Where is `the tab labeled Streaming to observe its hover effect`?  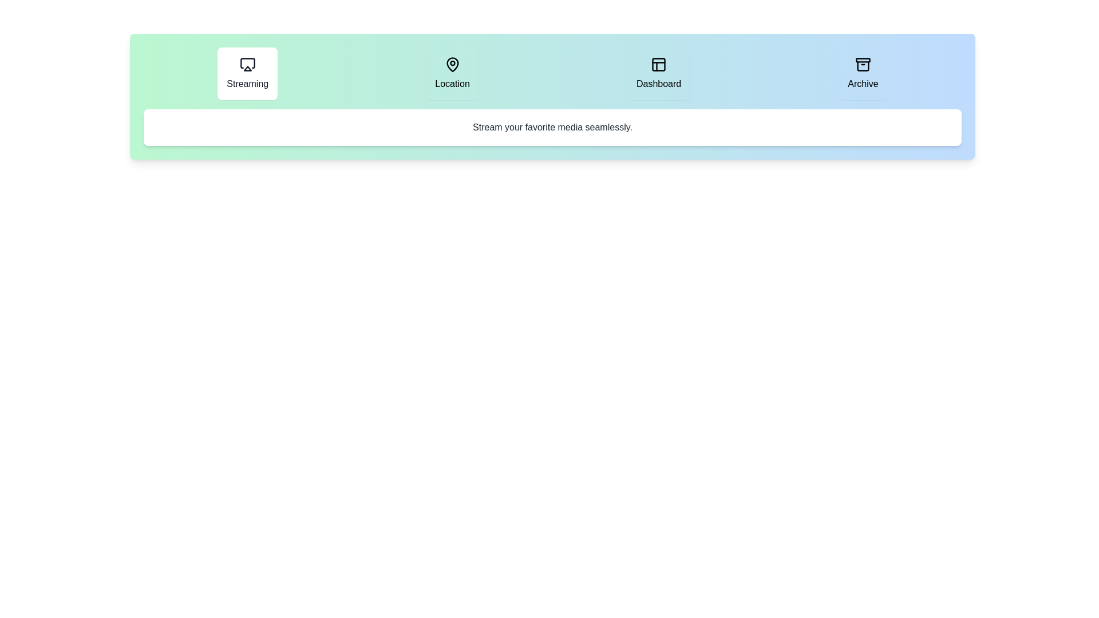 the tab labeled Streaming to observe its hover effect is located at coordinates (247, 73).